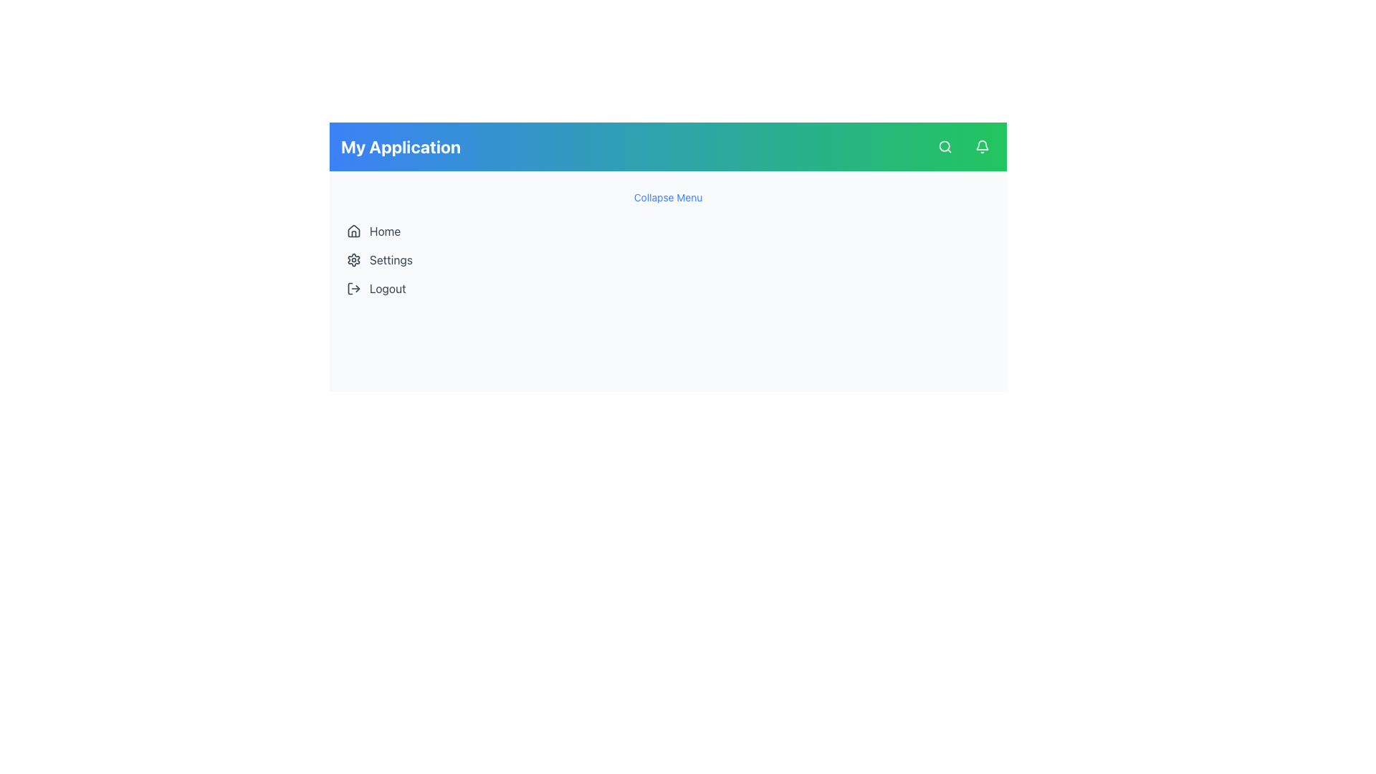 The height and width of the screenshot is (774, 1376). What do you see at coordinates (391, 259) in the screenshot?
I see `the 'Settings' text in the left sidebar` at bounding box center [391, 259].